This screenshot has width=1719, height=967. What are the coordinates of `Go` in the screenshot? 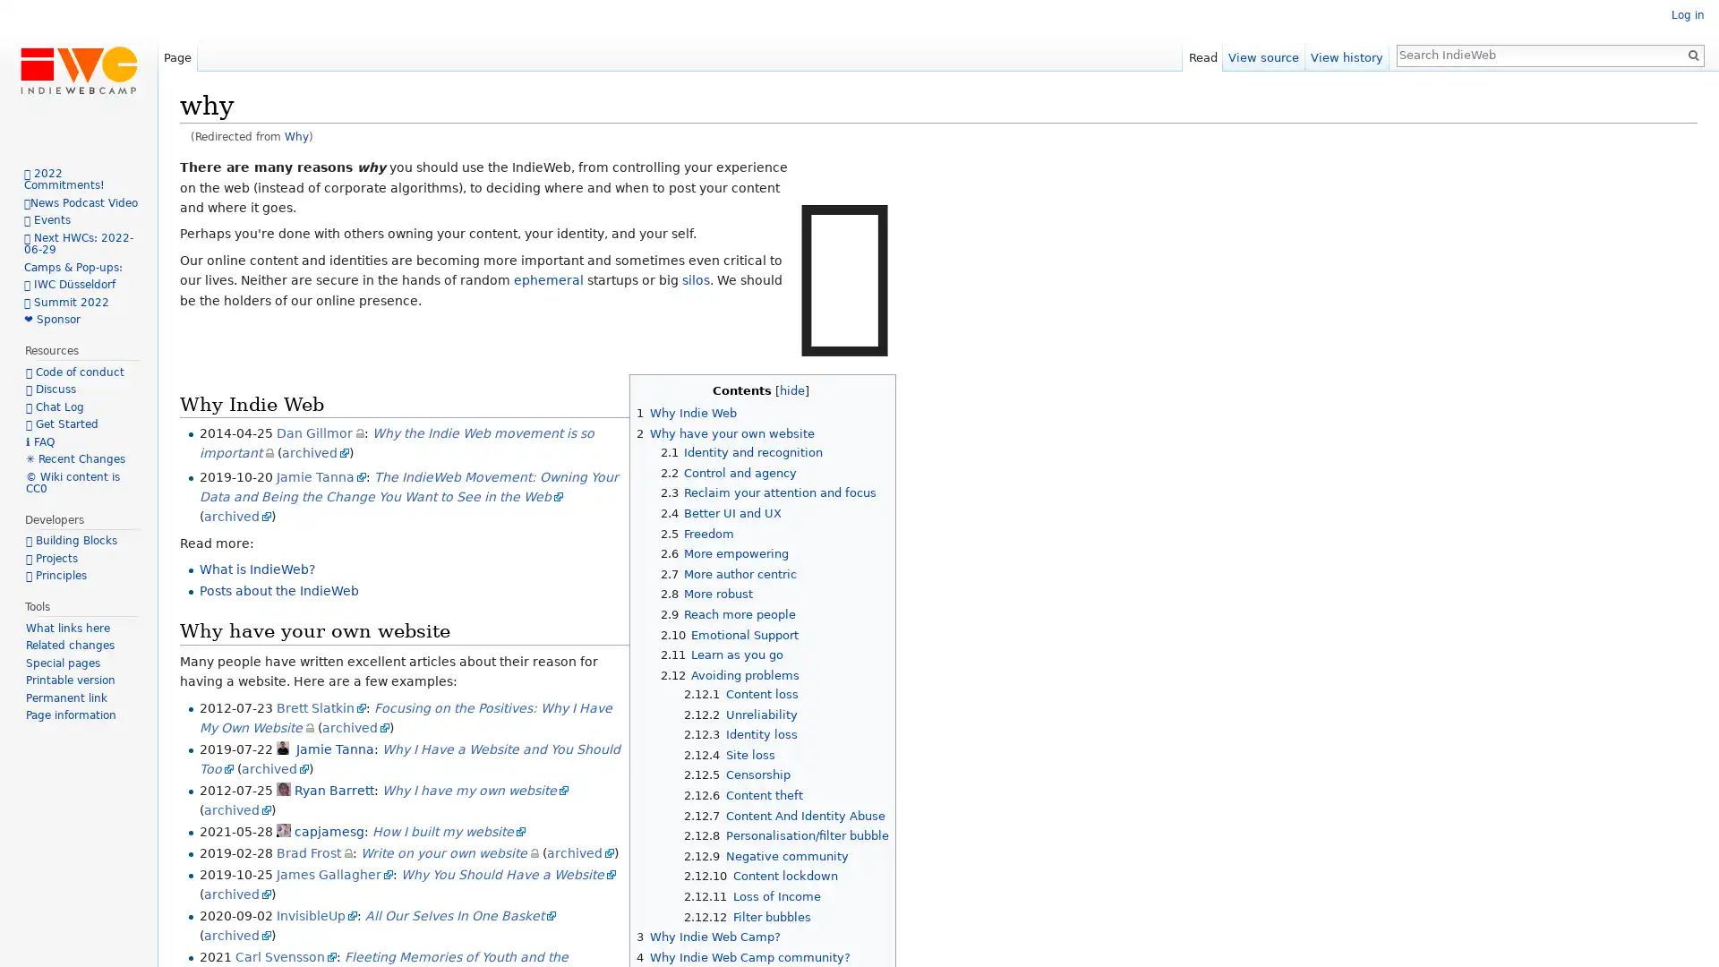 It's located at (1692, 54).